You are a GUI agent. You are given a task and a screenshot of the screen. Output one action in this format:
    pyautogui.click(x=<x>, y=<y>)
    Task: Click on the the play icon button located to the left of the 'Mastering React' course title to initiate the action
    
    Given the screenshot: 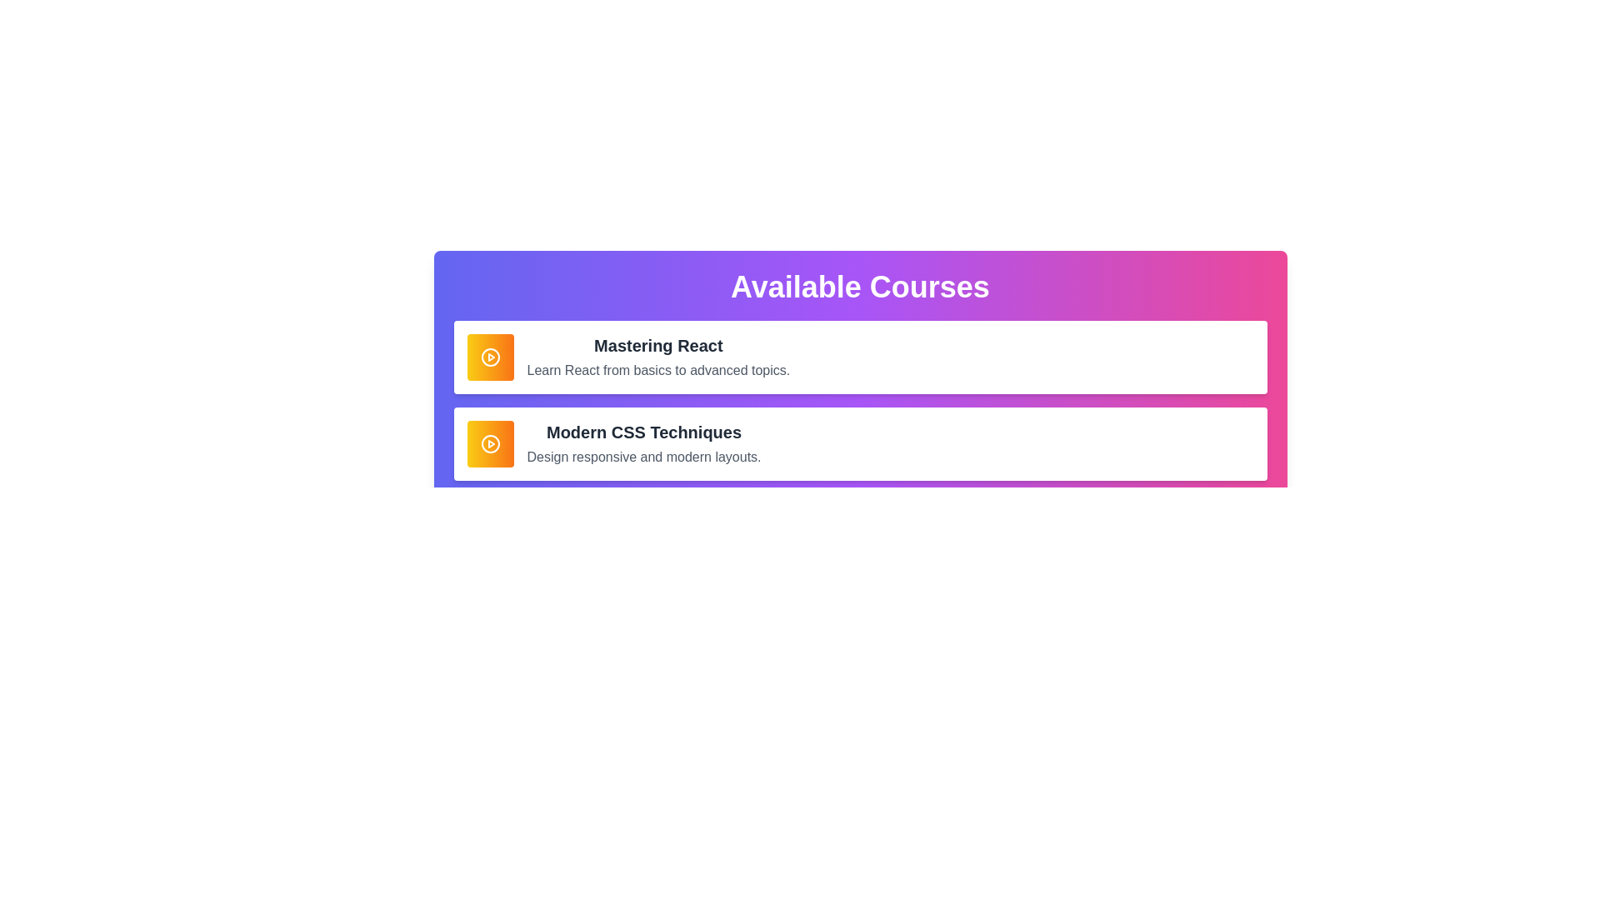 What is the action you would take?
    pyautogui.click(x=489, y=356)
    